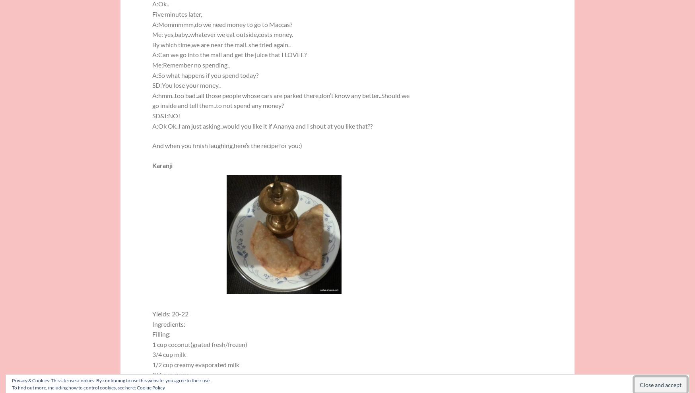 The width and height of the screenshot is (695, 393). What do you see at coordinates (152, 75) in the screenshot?
I see `'A:So what happens if you spend today?'` at bounding box center [152, 75].